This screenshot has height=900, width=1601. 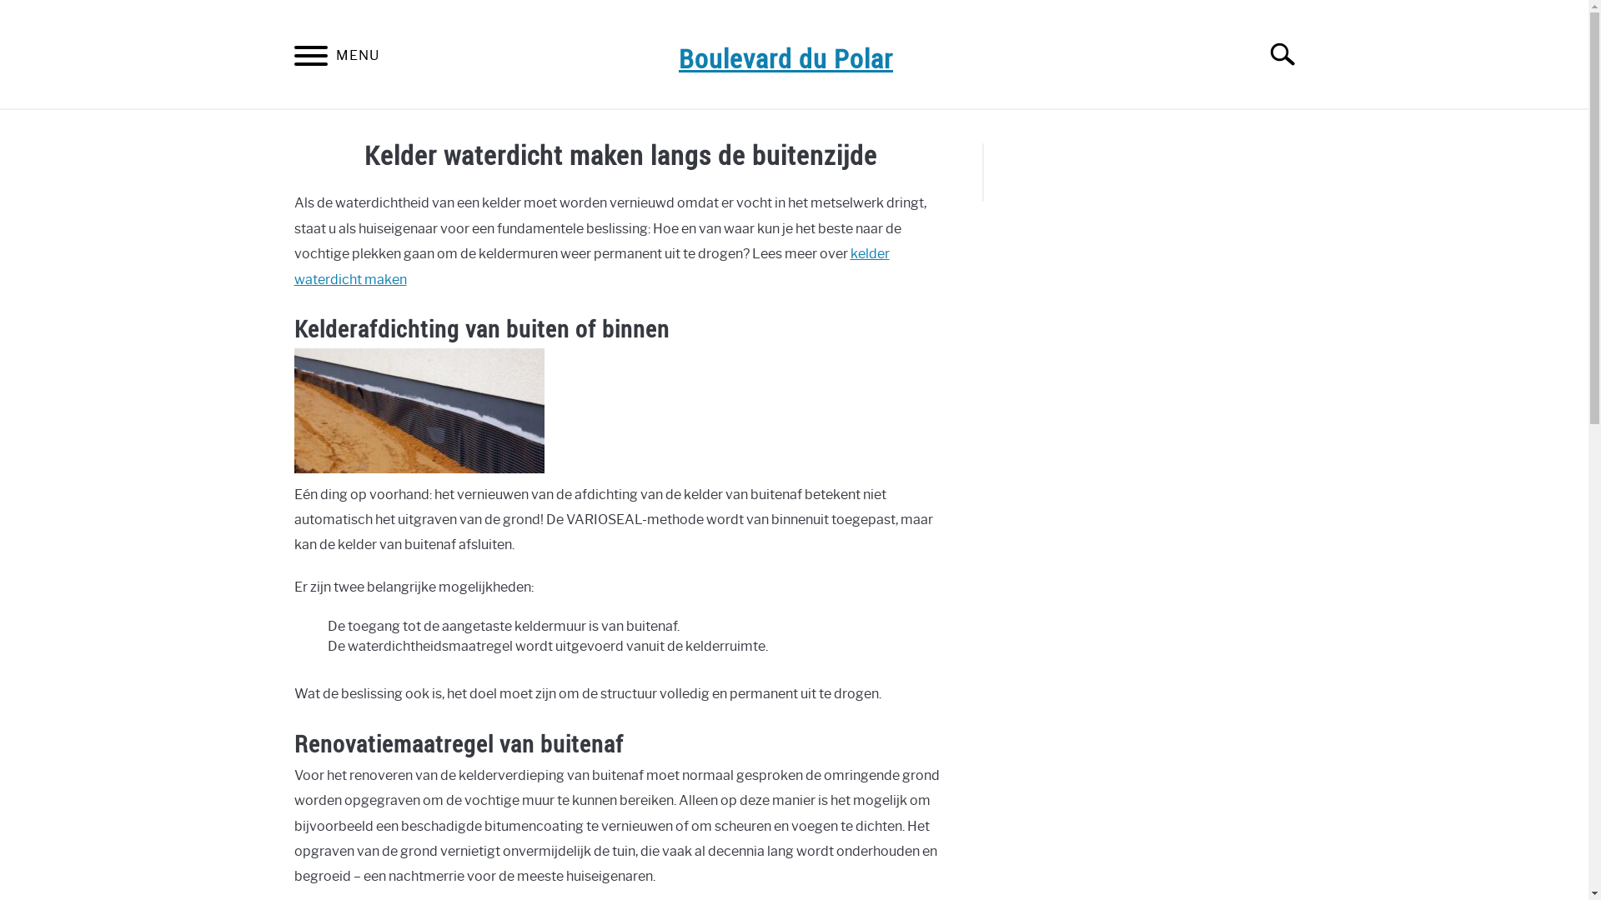 I want to click on 'Search', so click(x=1252, y=53).